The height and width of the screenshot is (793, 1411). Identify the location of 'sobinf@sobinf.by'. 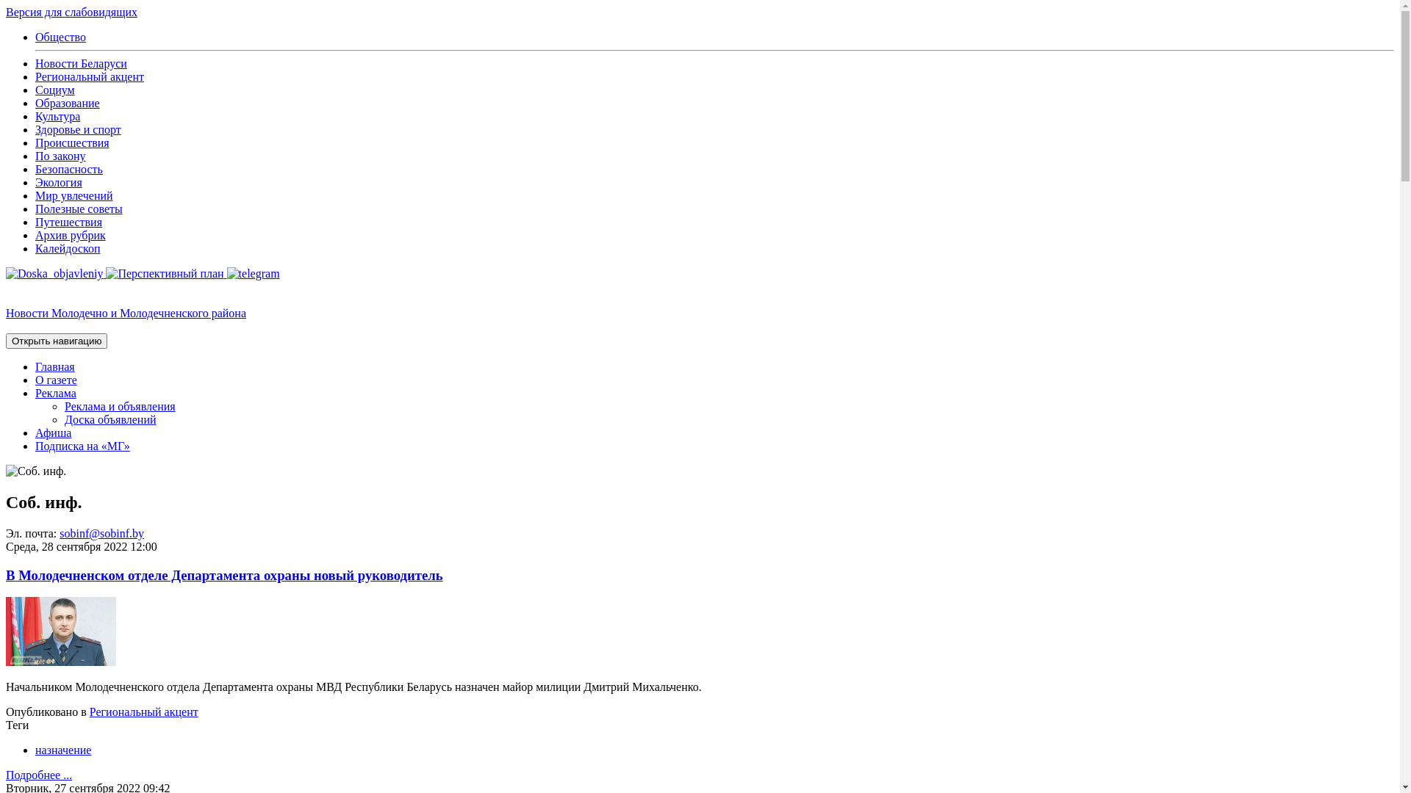
(101, 533).